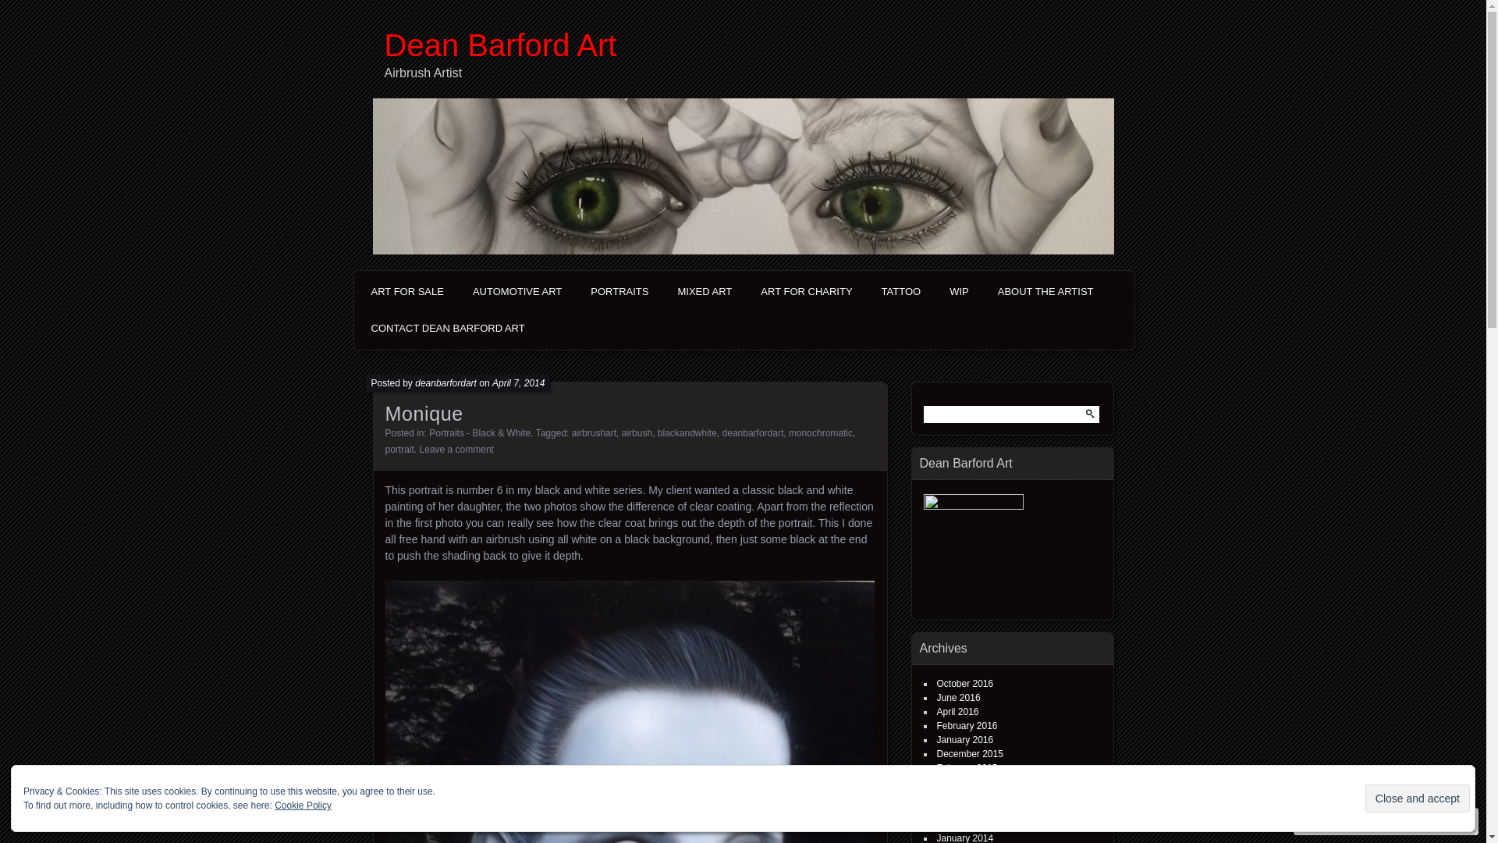 The image size is (1498, 843). I want to click on 'Portraits - Black & White', so click(478, 433).